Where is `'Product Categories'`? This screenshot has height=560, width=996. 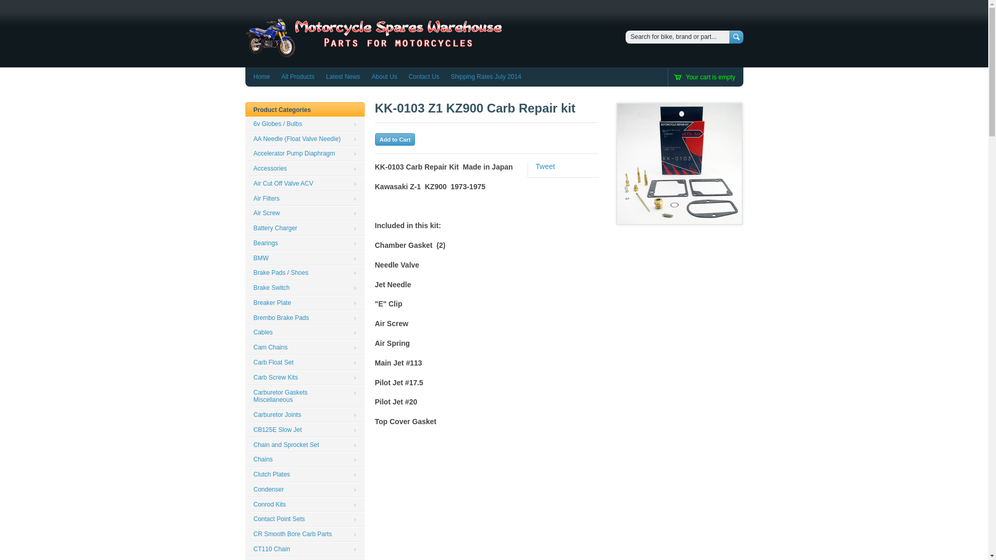 'Product Categories' is located at coordinates (282, 110).